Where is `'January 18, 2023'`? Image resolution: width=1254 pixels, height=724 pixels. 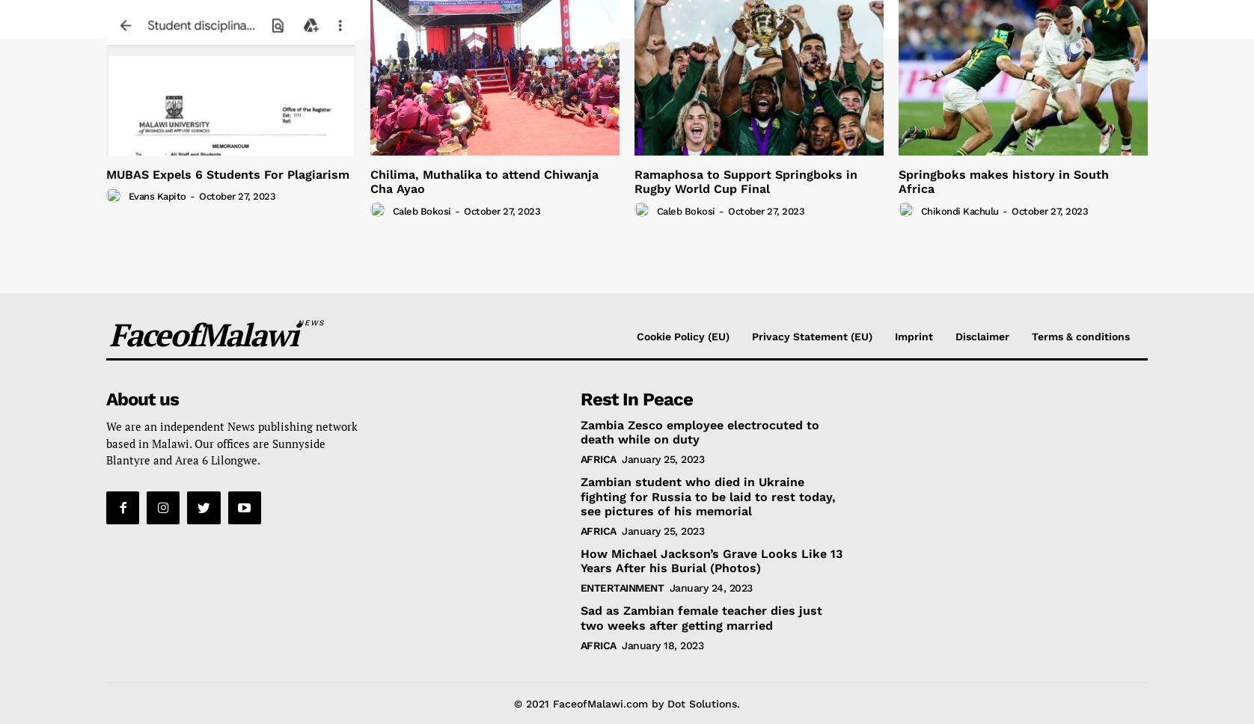 'January 18, 2023' is located at coordinates (662, 644).